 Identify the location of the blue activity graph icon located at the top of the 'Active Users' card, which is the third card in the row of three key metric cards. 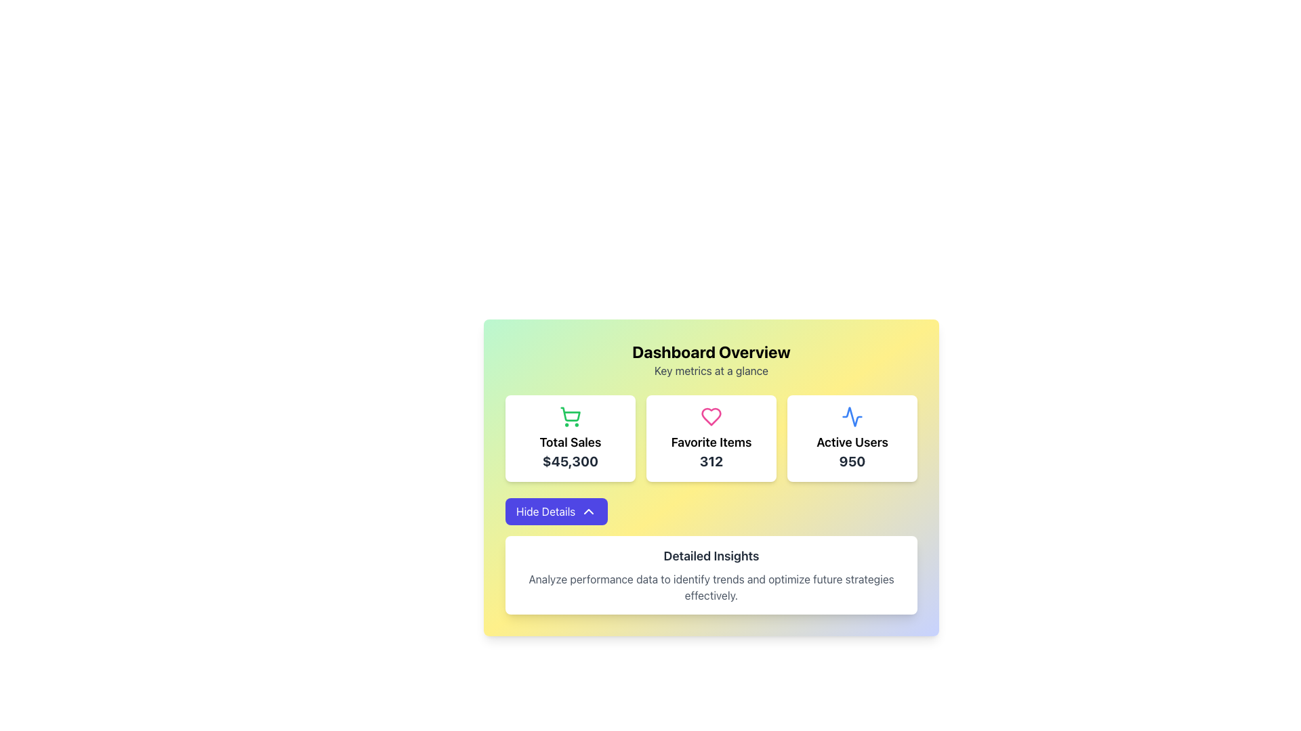
(851, 416).